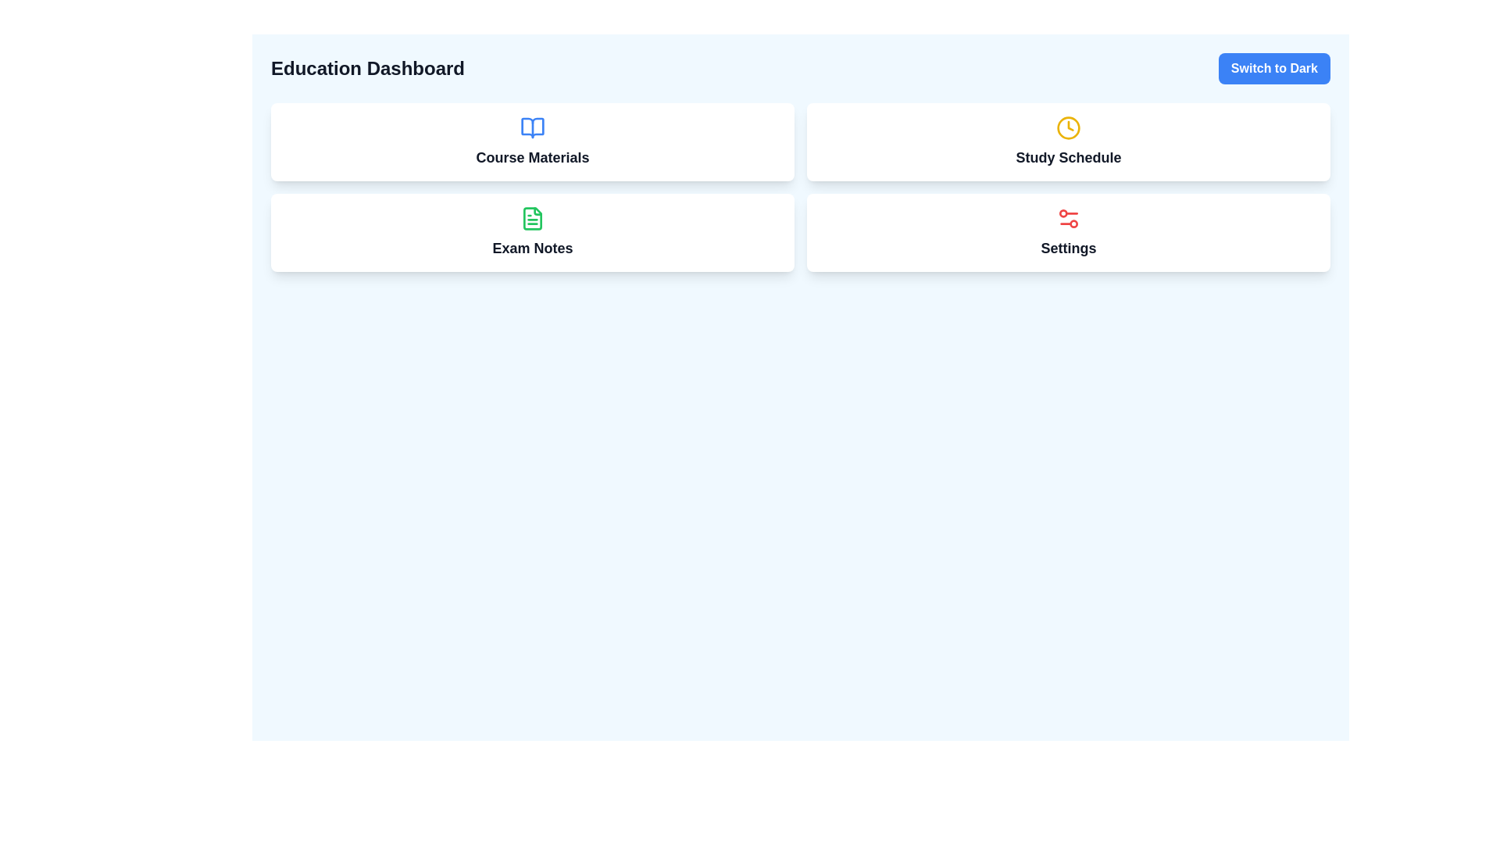  Describe the element at coordinates (1068, 157) in the screenshot. I see `the Text label that serves as the title for the study schedule card, located at the upper right of the main content area, below a clock icon` at that location.